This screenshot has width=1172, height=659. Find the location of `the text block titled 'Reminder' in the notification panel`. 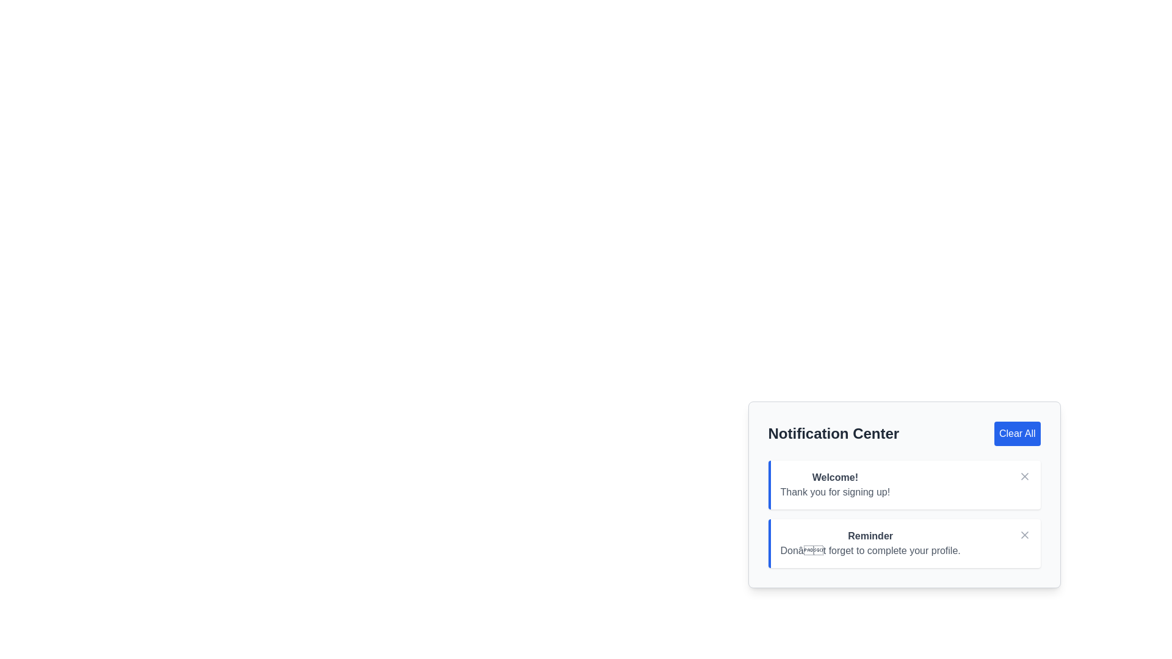

the text block titled 'Reminder' in the notification panel is located at coordinates (875, 543).